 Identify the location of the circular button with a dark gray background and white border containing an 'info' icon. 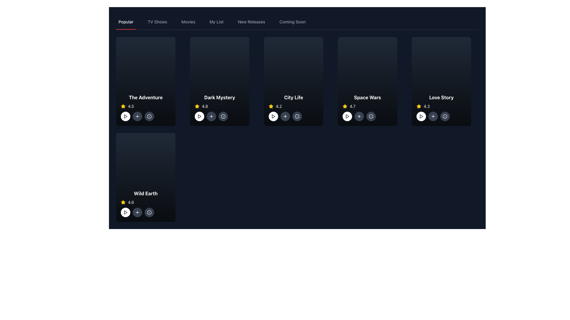
(445, 116).